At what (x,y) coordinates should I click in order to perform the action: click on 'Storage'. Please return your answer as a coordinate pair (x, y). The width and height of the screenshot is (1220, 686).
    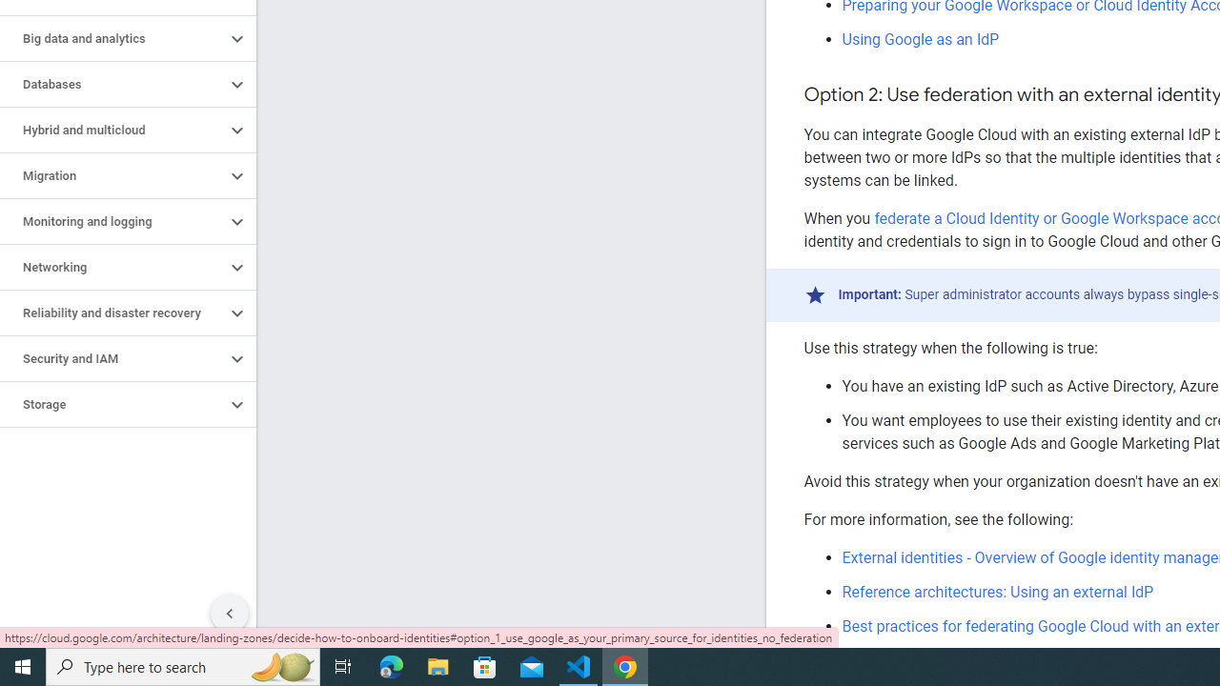
    Looking at the image, I should click on (112, 404).